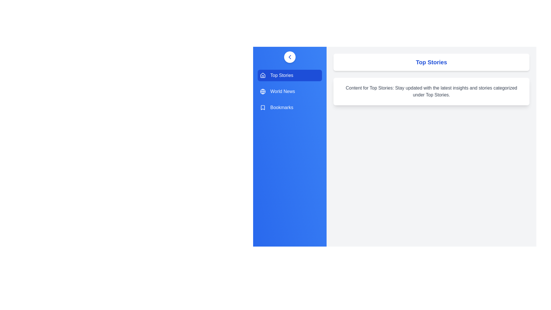 This screenshot has width=551, height=310. I want to click on the category World News from the list, so click(290, 91).